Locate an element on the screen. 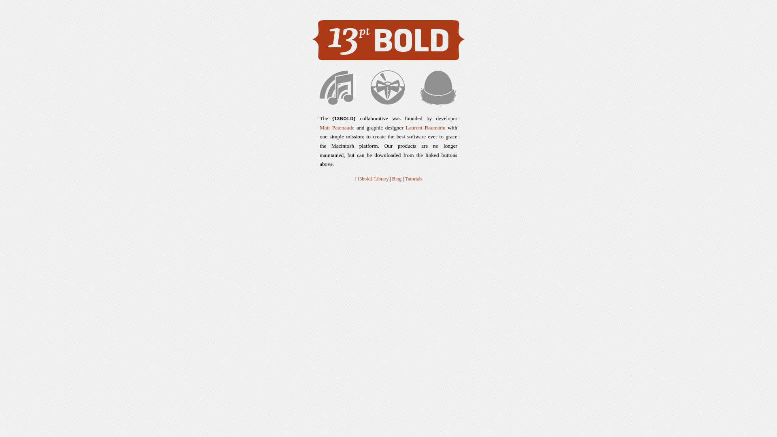  'Laurent Baumann' is located at coordinates (425, 127).